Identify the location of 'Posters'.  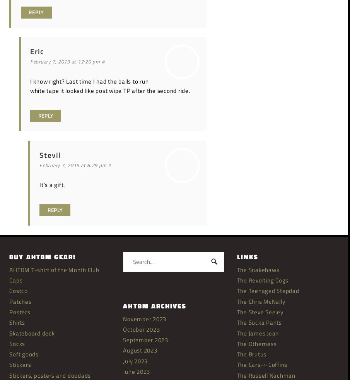
(9, 312).